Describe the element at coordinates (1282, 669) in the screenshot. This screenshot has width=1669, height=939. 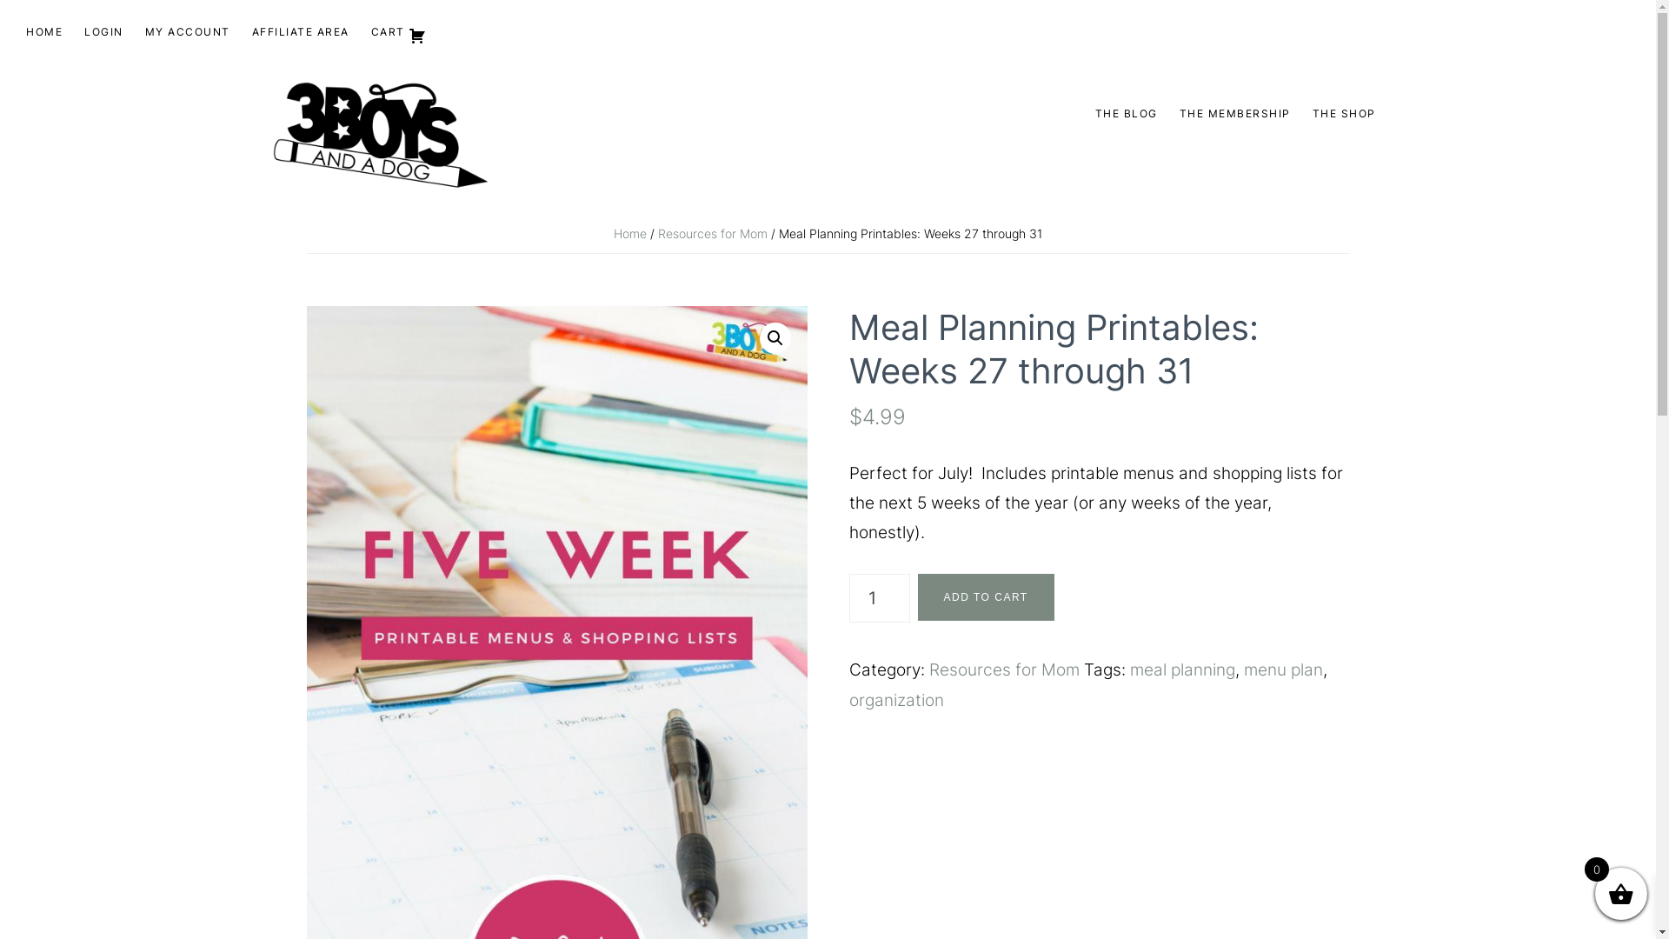
I see `'menu plan'` at that location.